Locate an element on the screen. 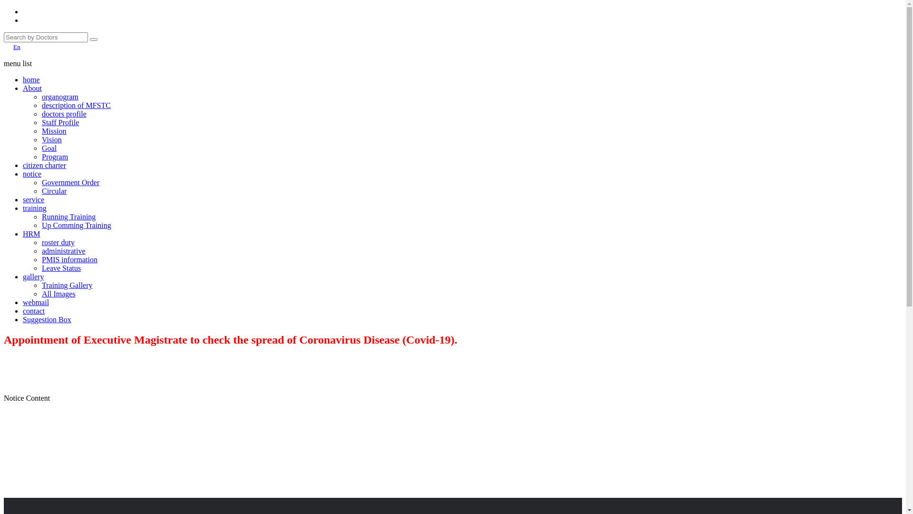 This screenshot has height=514, width=913. 'gallery' is located at coordinates (33, 277).